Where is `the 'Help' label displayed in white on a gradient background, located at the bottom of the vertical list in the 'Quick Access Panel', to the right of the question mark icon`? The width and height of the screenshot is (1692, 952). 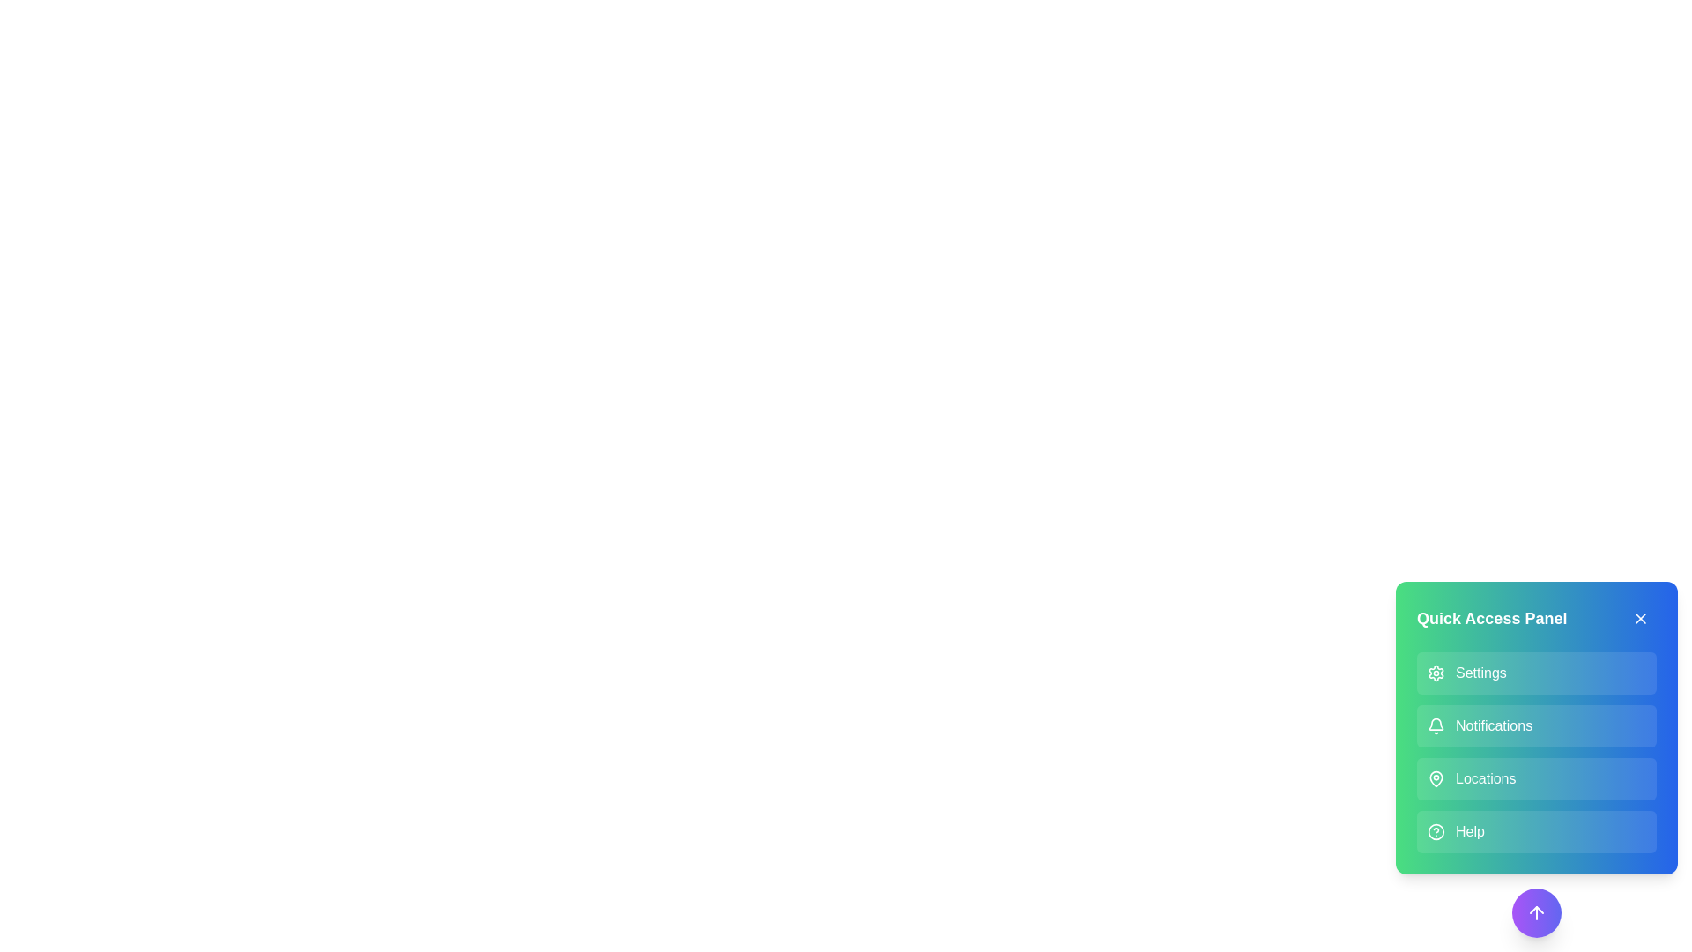 the 'Help' label displayed in white on a gradient background, located at the bottom of the vertical list in the 'Quick Access Panel', to the right of the question mark icon is located at coordinates (1470, 832).